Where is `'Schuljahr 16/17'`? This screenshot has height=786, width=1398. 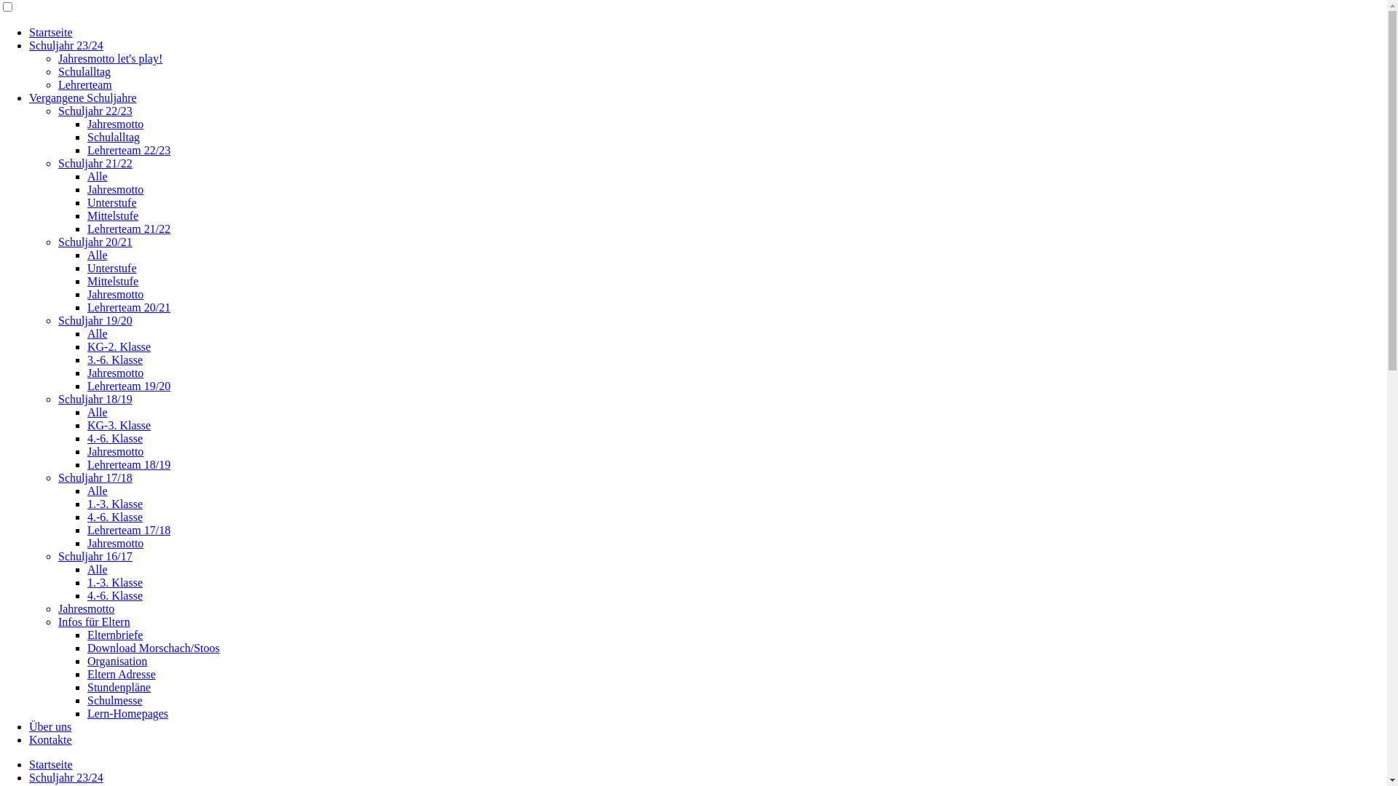 'Schuljahr 16/17' is located at coordinates (94, 556).